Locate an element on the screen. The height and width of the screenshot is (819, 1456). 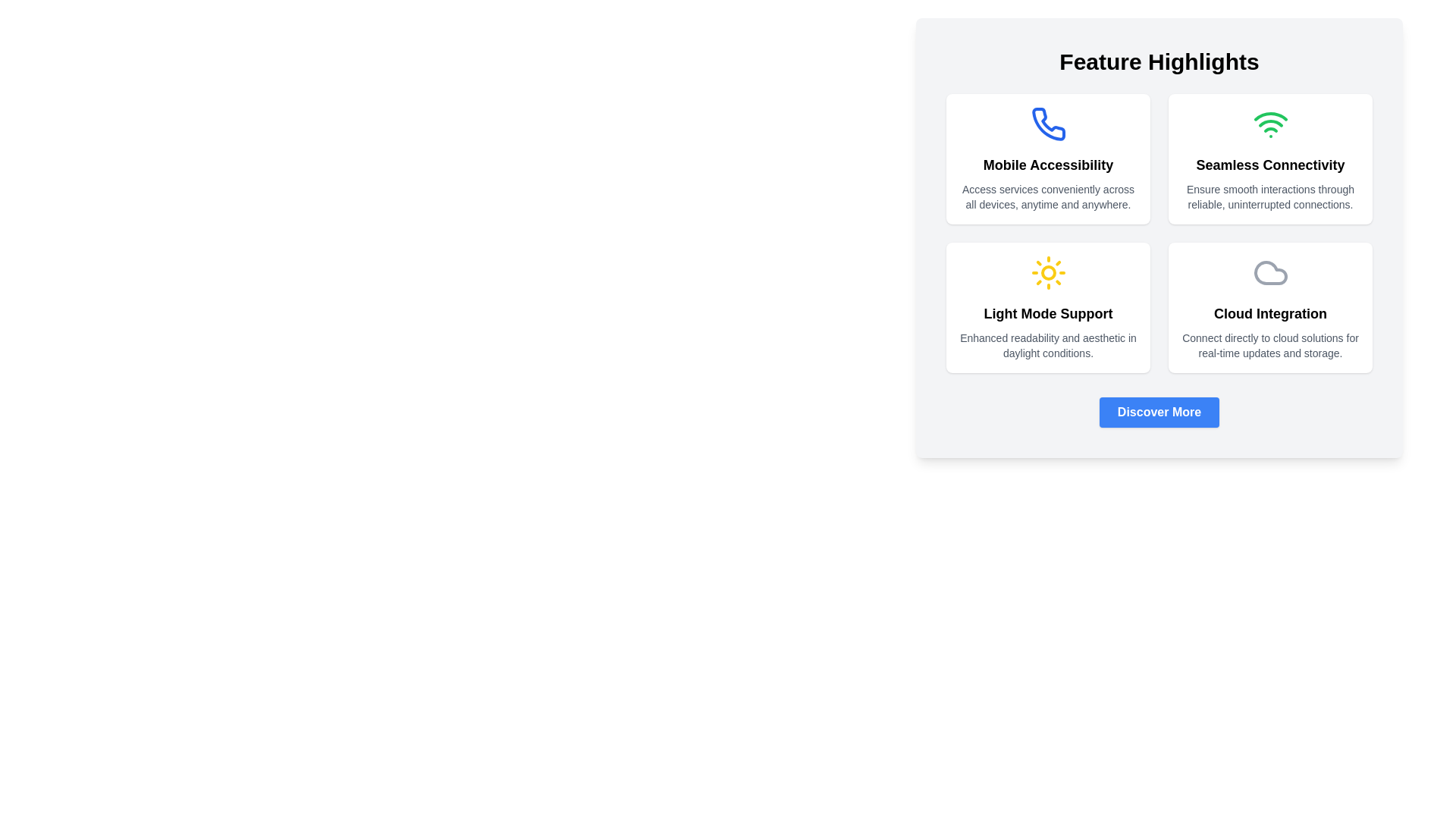
the text label located in the top-right cell of the grid under 'Feature Highlights', which serves as a title for connectivity features is located at coordinates (1270, 165).